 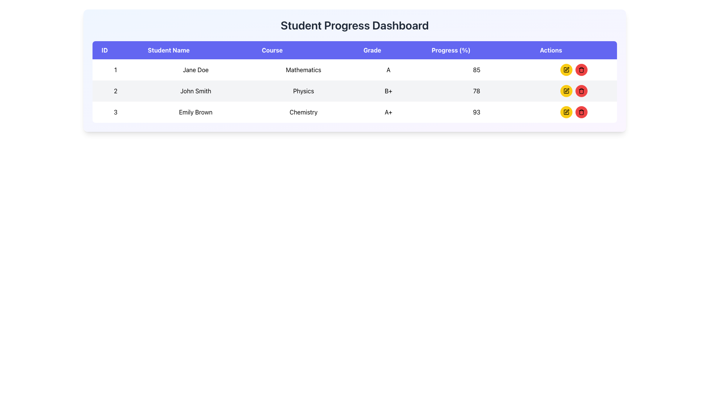 I want to click on the body of the trash bin icon, which is part of the SVG-based trash bin icon in the 'Actions' column of the last row ('Emily Brown') in the table, located in the bottom-right section of the dashboard, so click(x=581, y=113).